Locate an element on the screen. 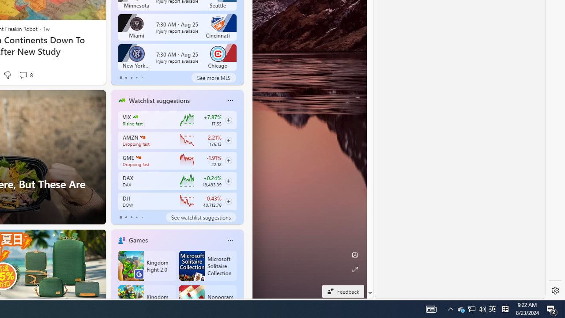 The width and height of the screenshot is (565, 318). 'Edit Background' is located at coordinates (354, 255).